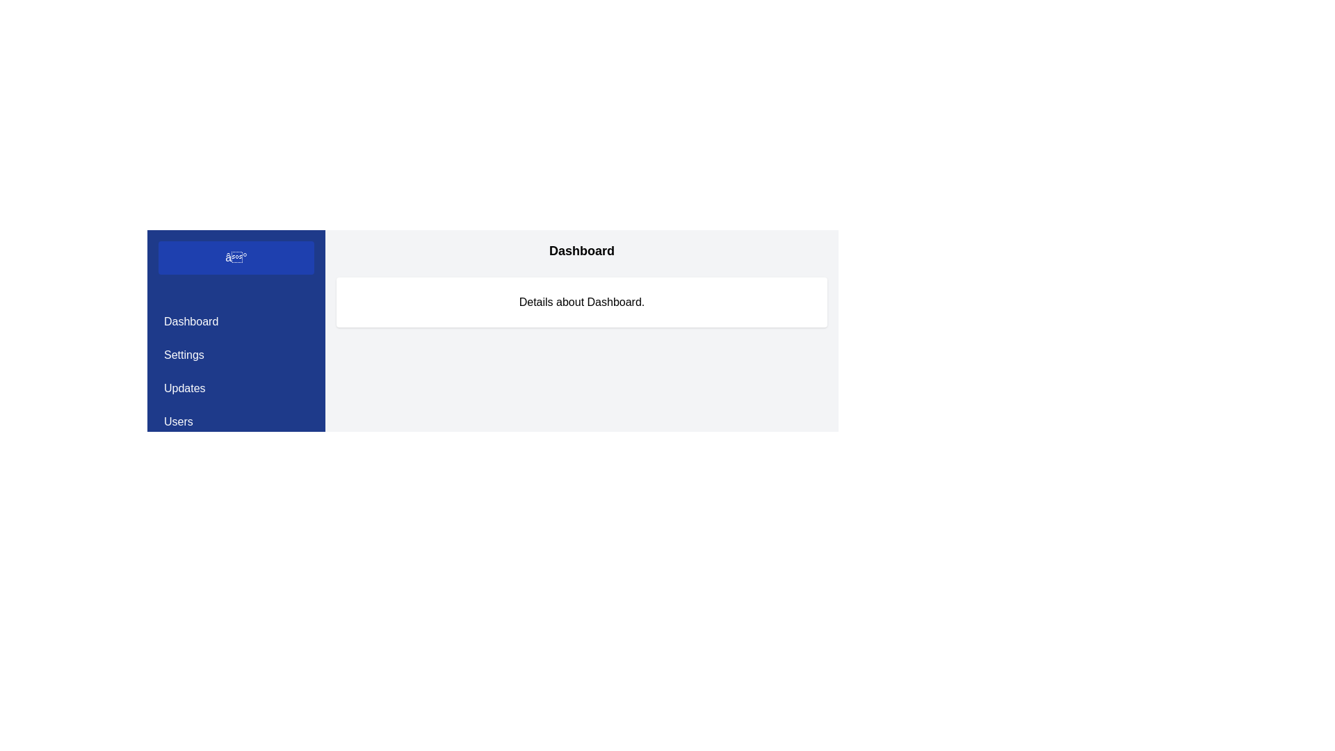 This screenshot has height=751, width=1335. What do you see at coordinates (183, 354) in the screenshot?
I see `the 'Settings' text label, which is the second label in the sidebar navigation` at bounding box center [183, 354].